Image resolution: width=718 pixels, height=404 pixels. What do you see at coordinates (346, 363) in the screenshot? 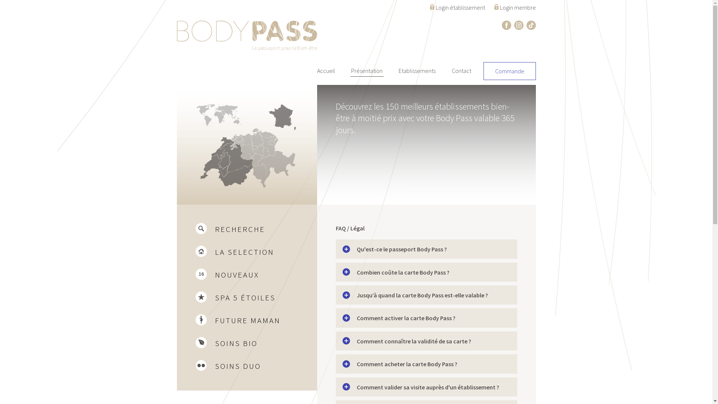
I see `'Open'` at bounding box center [346, 363].